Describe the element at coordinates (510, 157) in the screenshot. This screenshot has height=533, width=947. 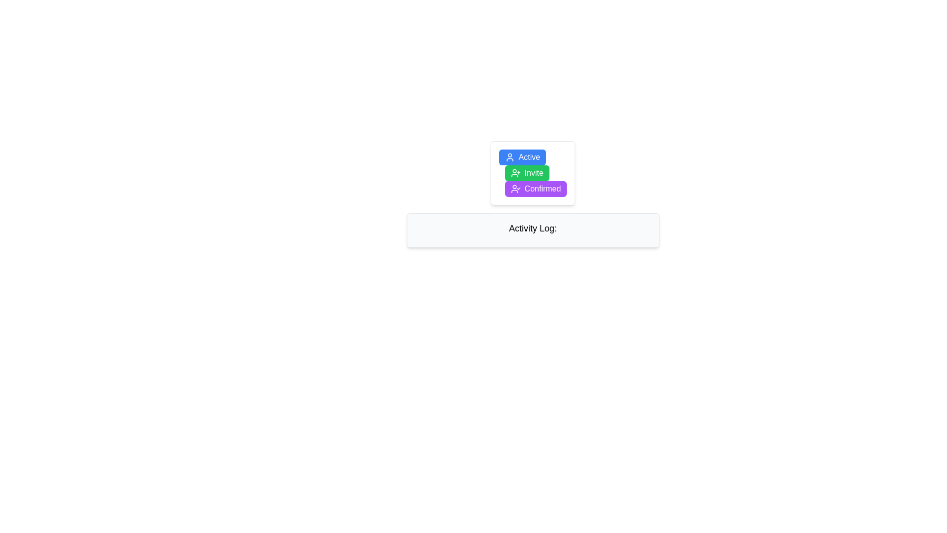
I see `the user profile silhouette icon with a blue background located within the 'Active' button at the top of the vertical stack` at that location.